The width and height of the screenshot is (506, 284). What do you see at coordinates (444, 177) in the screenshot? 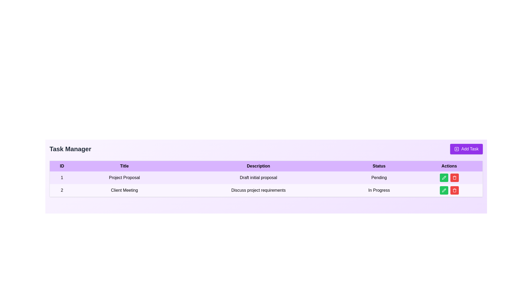
I see `the editing button located in the Actions column of the first row for the 'Project Proposal' task with status 'Pending' to initiate editing` at bounding box center [444, 177].